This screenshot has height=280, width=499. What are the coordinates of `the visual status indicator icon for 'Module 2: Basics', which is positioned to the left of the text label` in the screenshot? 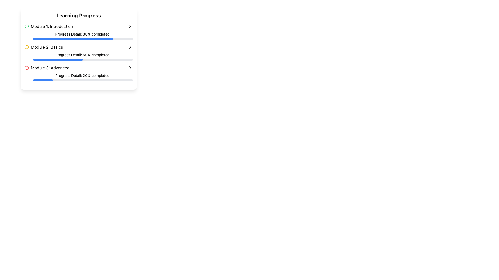 It's located at (26, 47).